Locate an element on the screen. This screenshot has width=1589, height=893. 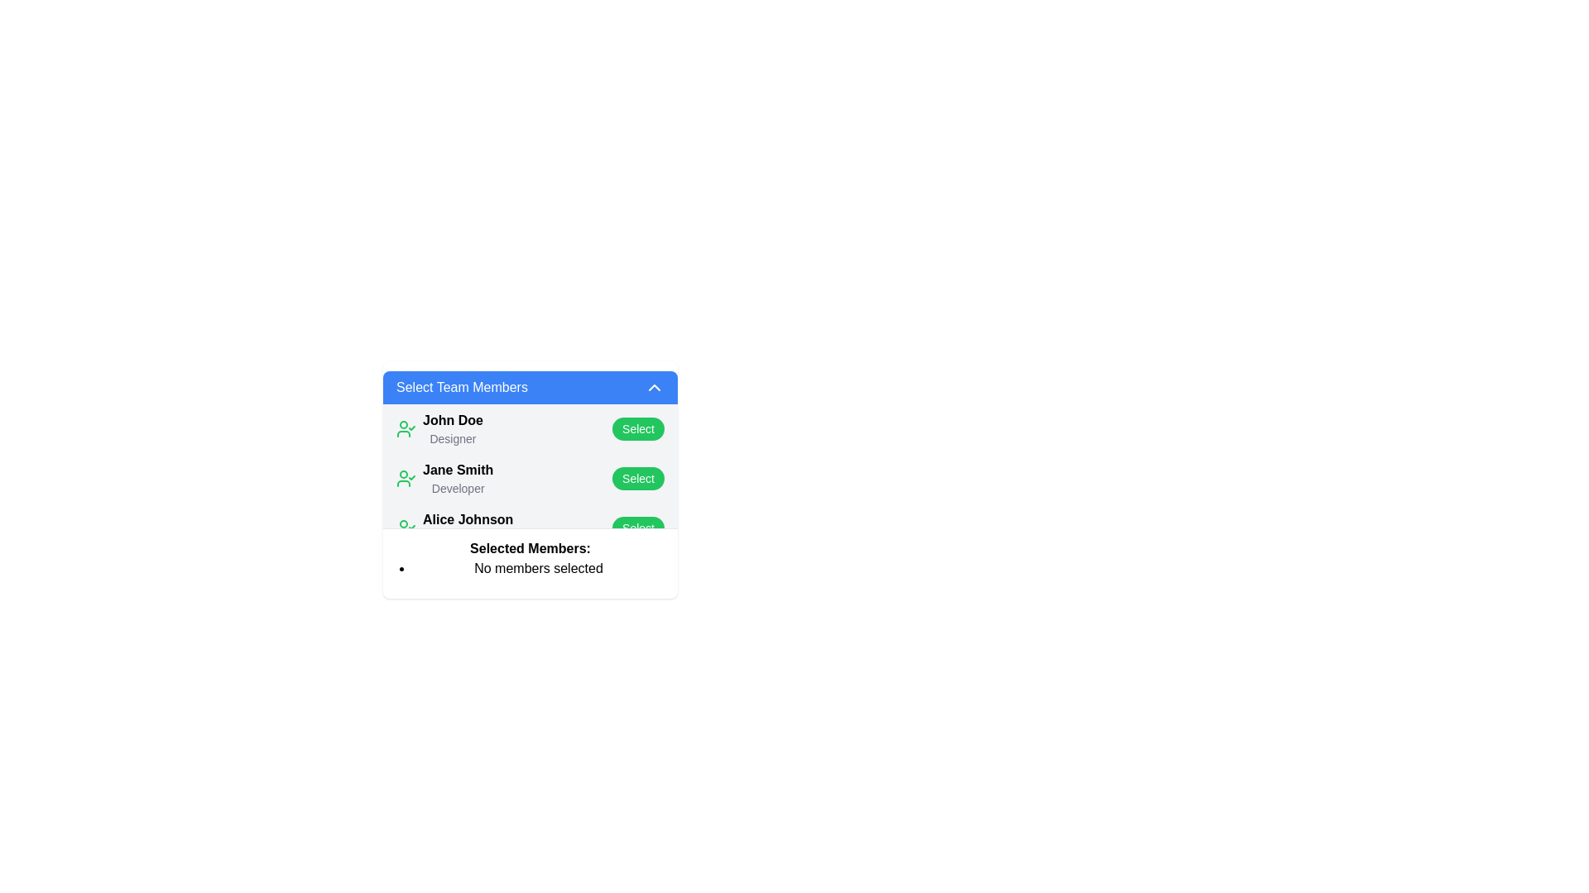
the selection button for 'Alice Johnson' is located at coordinates (637, 528).